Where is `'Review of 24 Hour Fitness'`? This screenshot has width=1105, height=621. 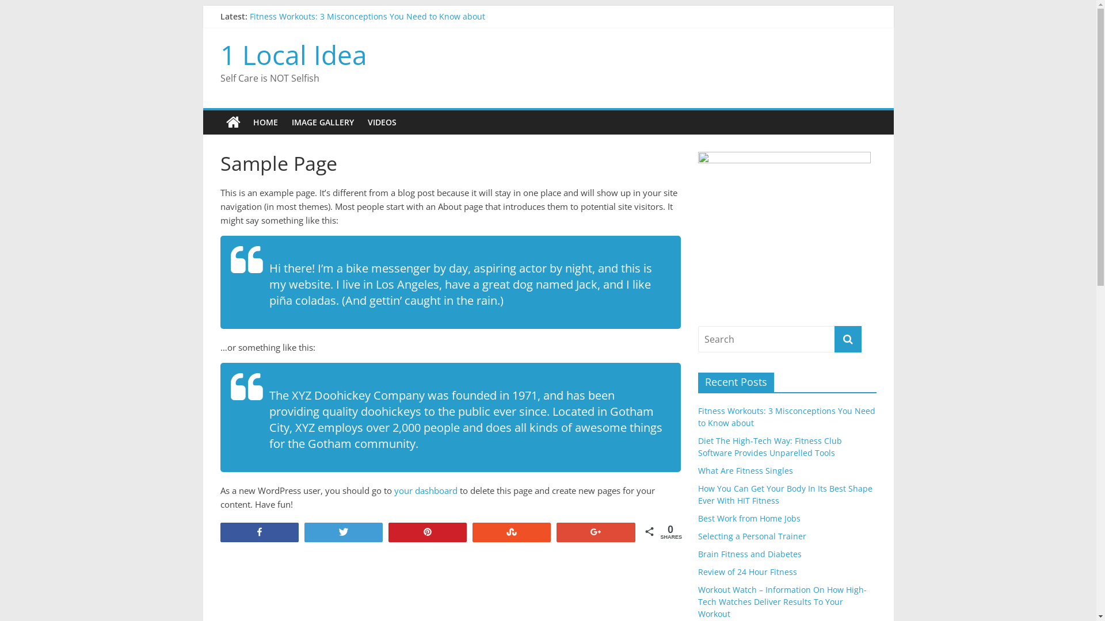
'Review of 24 Hour Fitness' is located at coordinates (746, 572).